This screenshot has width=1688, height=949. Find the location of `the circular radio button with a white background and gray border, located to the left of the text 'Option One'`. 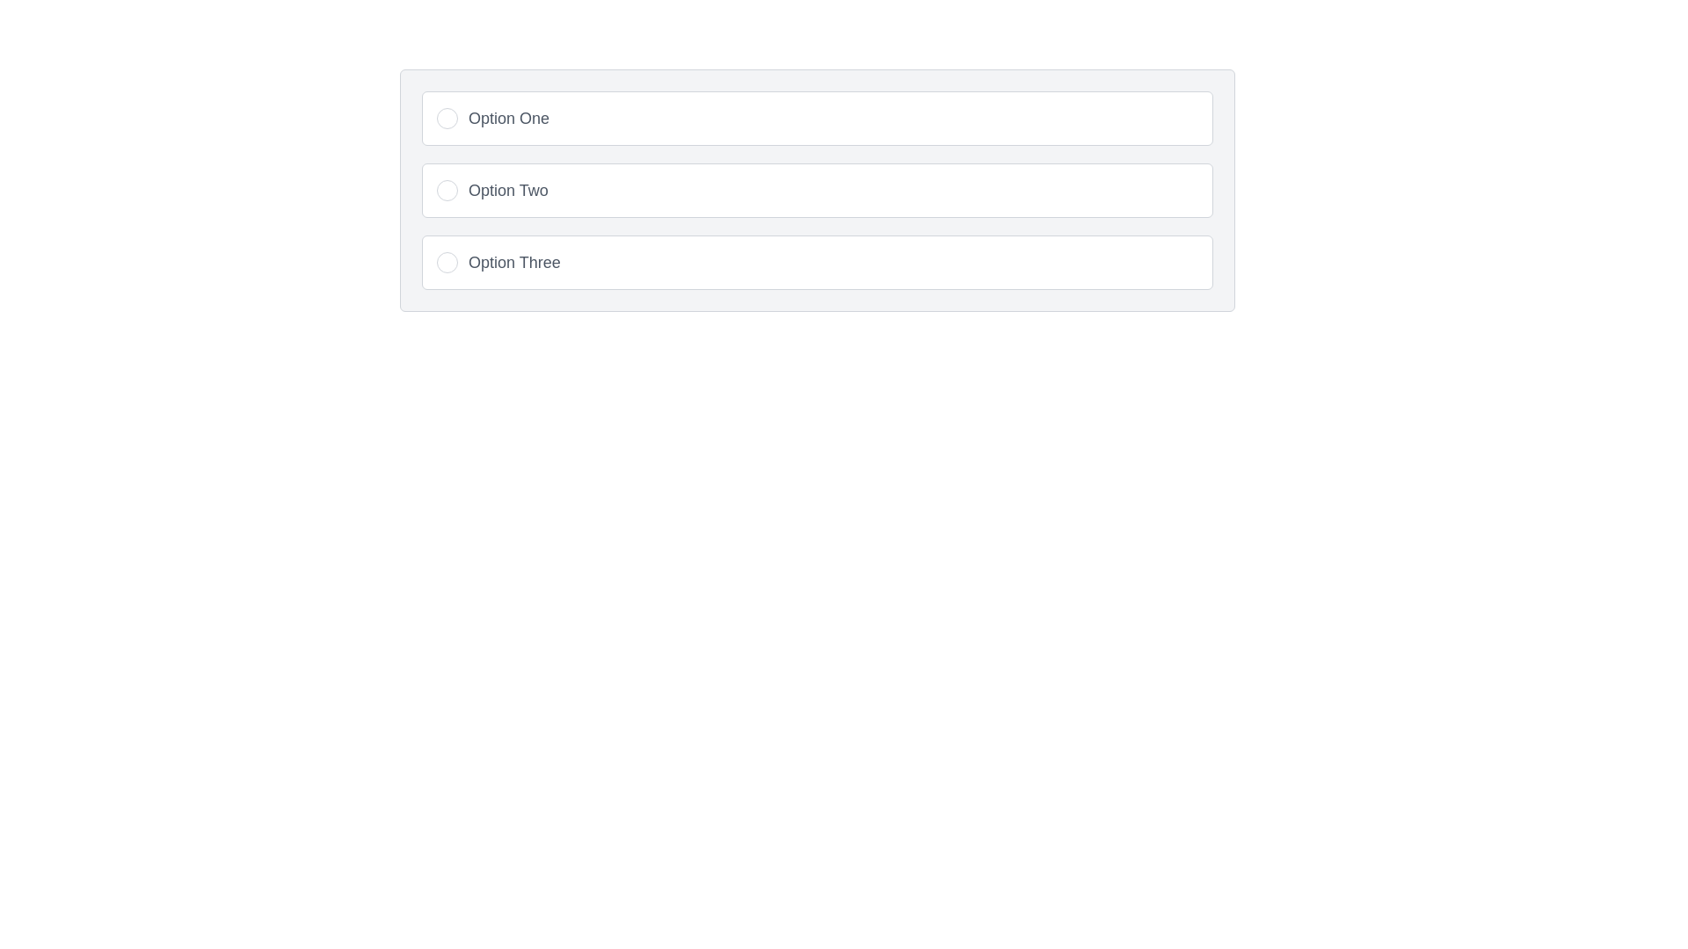

the circular radio button with a white background and gray border, located to the left of the text 'Option One' is located at coordinates (447, 119).